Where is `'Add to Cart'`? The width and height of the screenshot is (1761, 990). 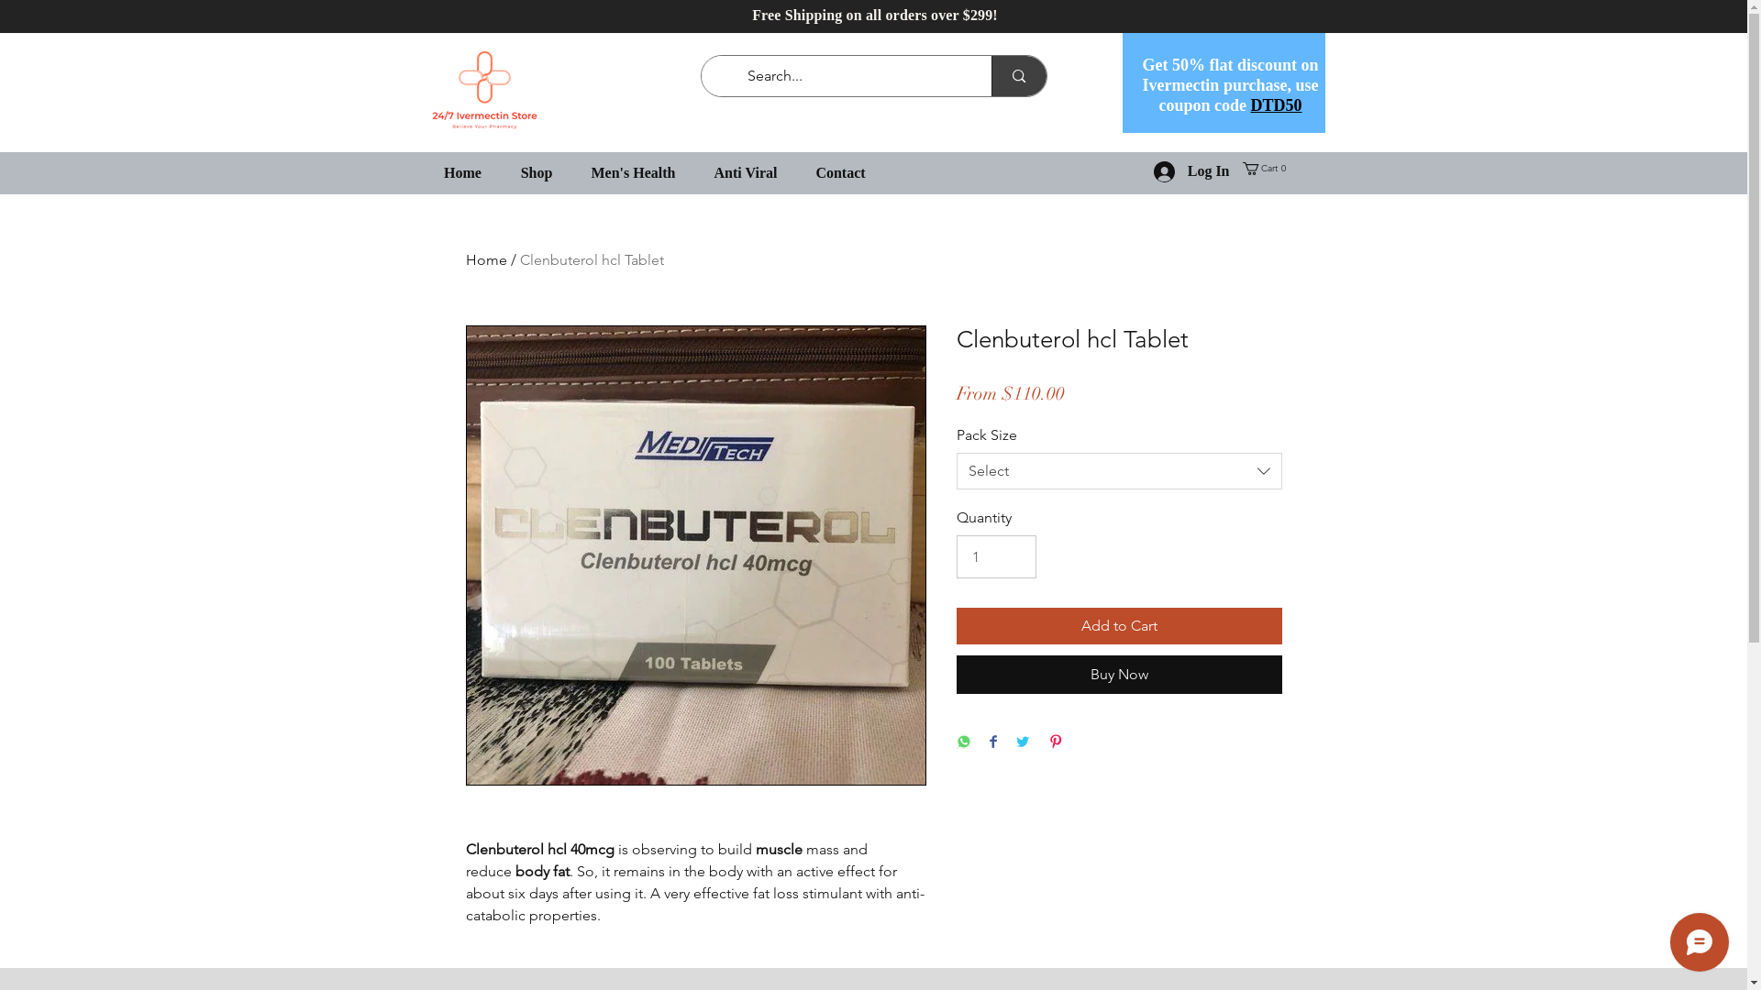 'Add to Cart' is located at coordinates (1117, 624).